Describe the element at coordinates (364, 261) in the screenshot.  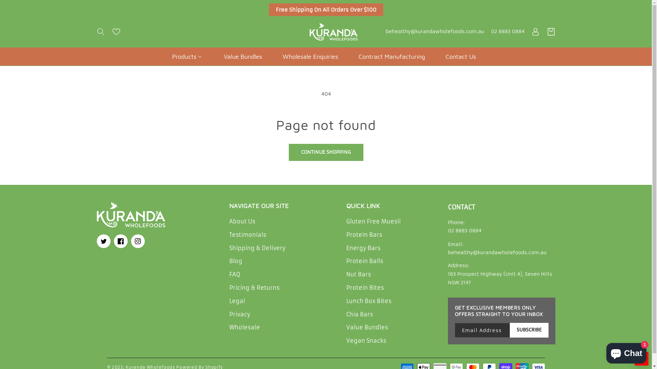
I see `'Protein Balls'` at that location.